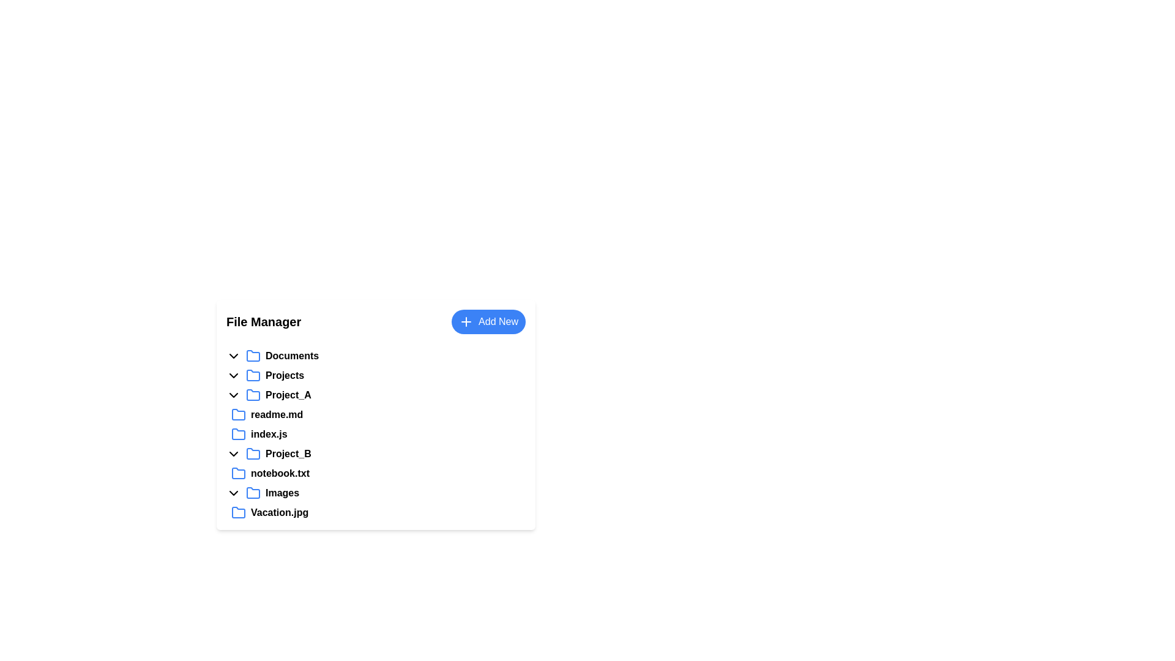  What do you see at coordinates (238, 472) in the screenshot?
I see `the compact, blue, folder-shaped icon representing 'notebook.txt' in the file manager interface` at bounding box center [238, 472].